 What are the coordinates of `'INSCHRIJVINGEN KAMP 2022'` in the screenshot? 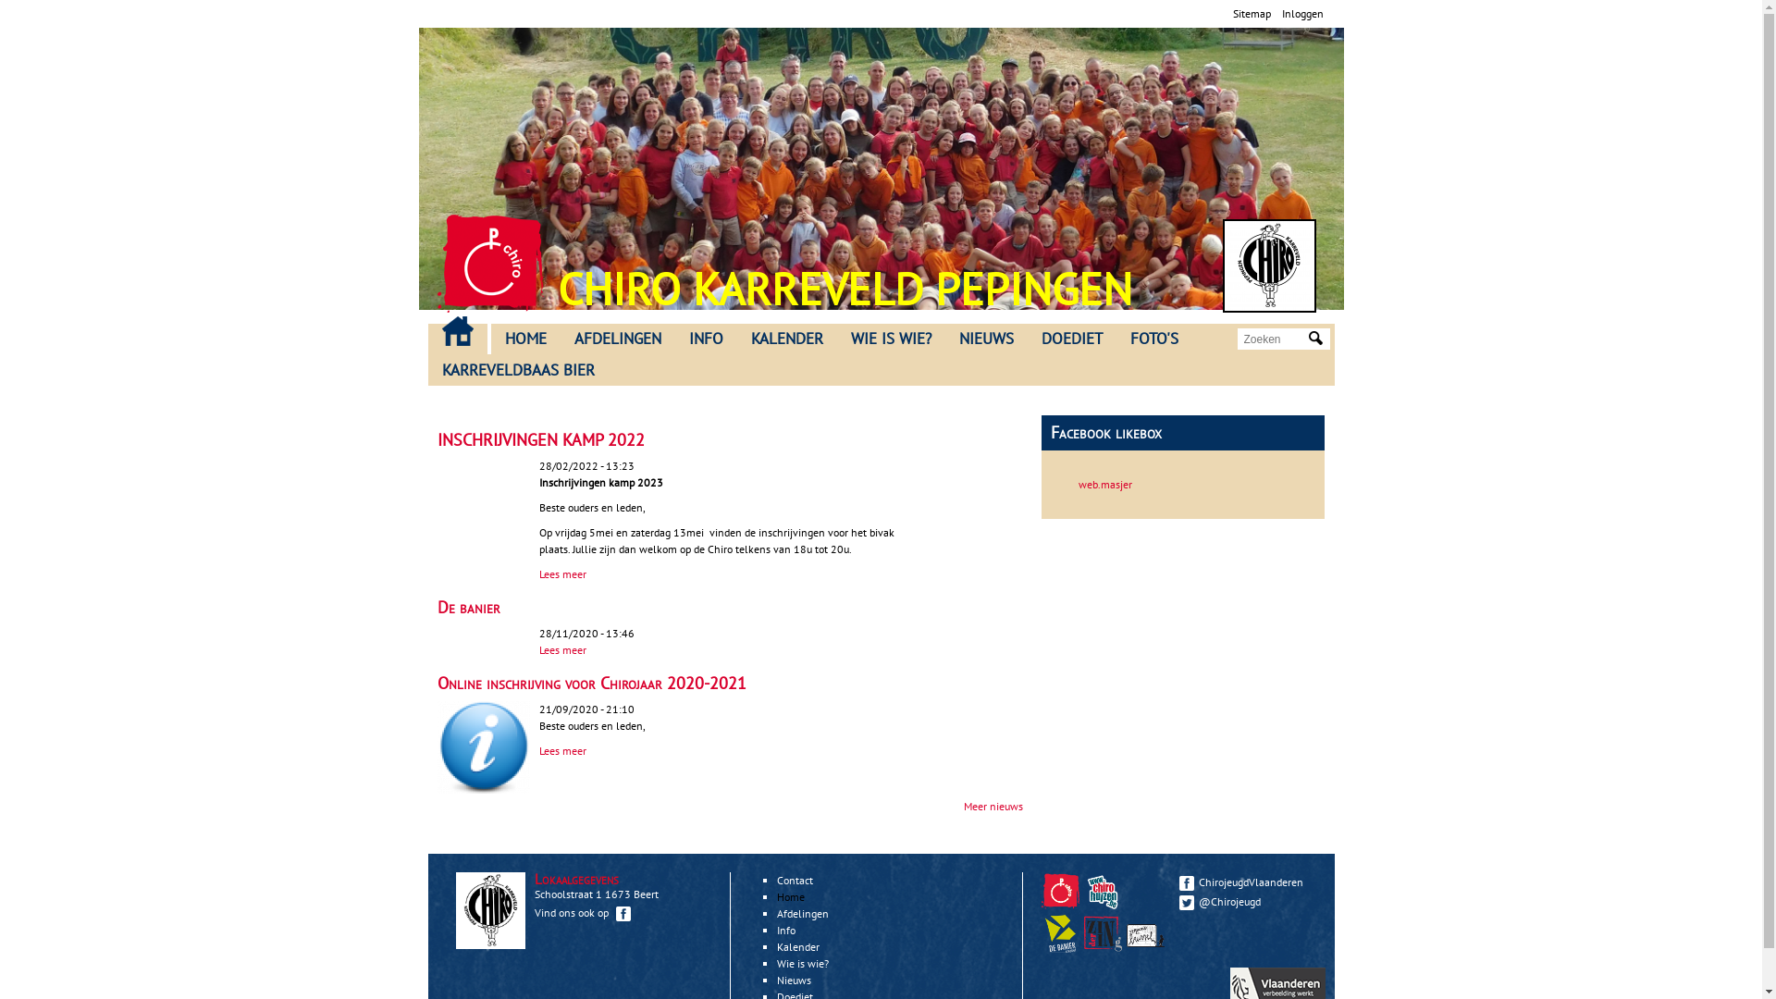 It's located at (539, 439).